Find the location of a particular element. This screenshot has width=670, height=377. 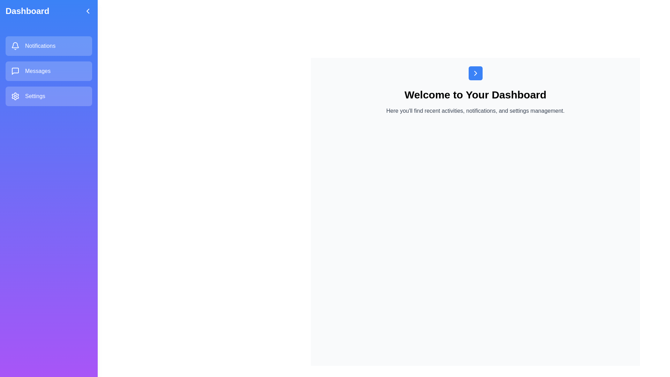

the menu option Settings from the sidebar is located at coordinates (48, 96).